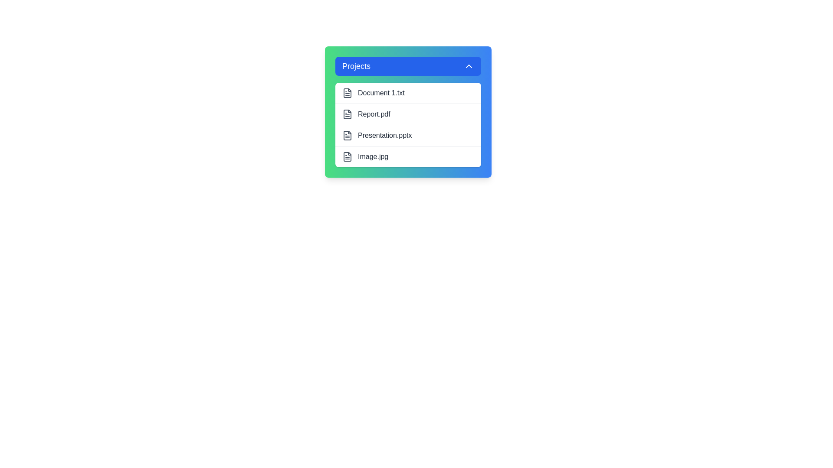  I want to click on the file Presentation.pptx from the list, so click(407, 135).